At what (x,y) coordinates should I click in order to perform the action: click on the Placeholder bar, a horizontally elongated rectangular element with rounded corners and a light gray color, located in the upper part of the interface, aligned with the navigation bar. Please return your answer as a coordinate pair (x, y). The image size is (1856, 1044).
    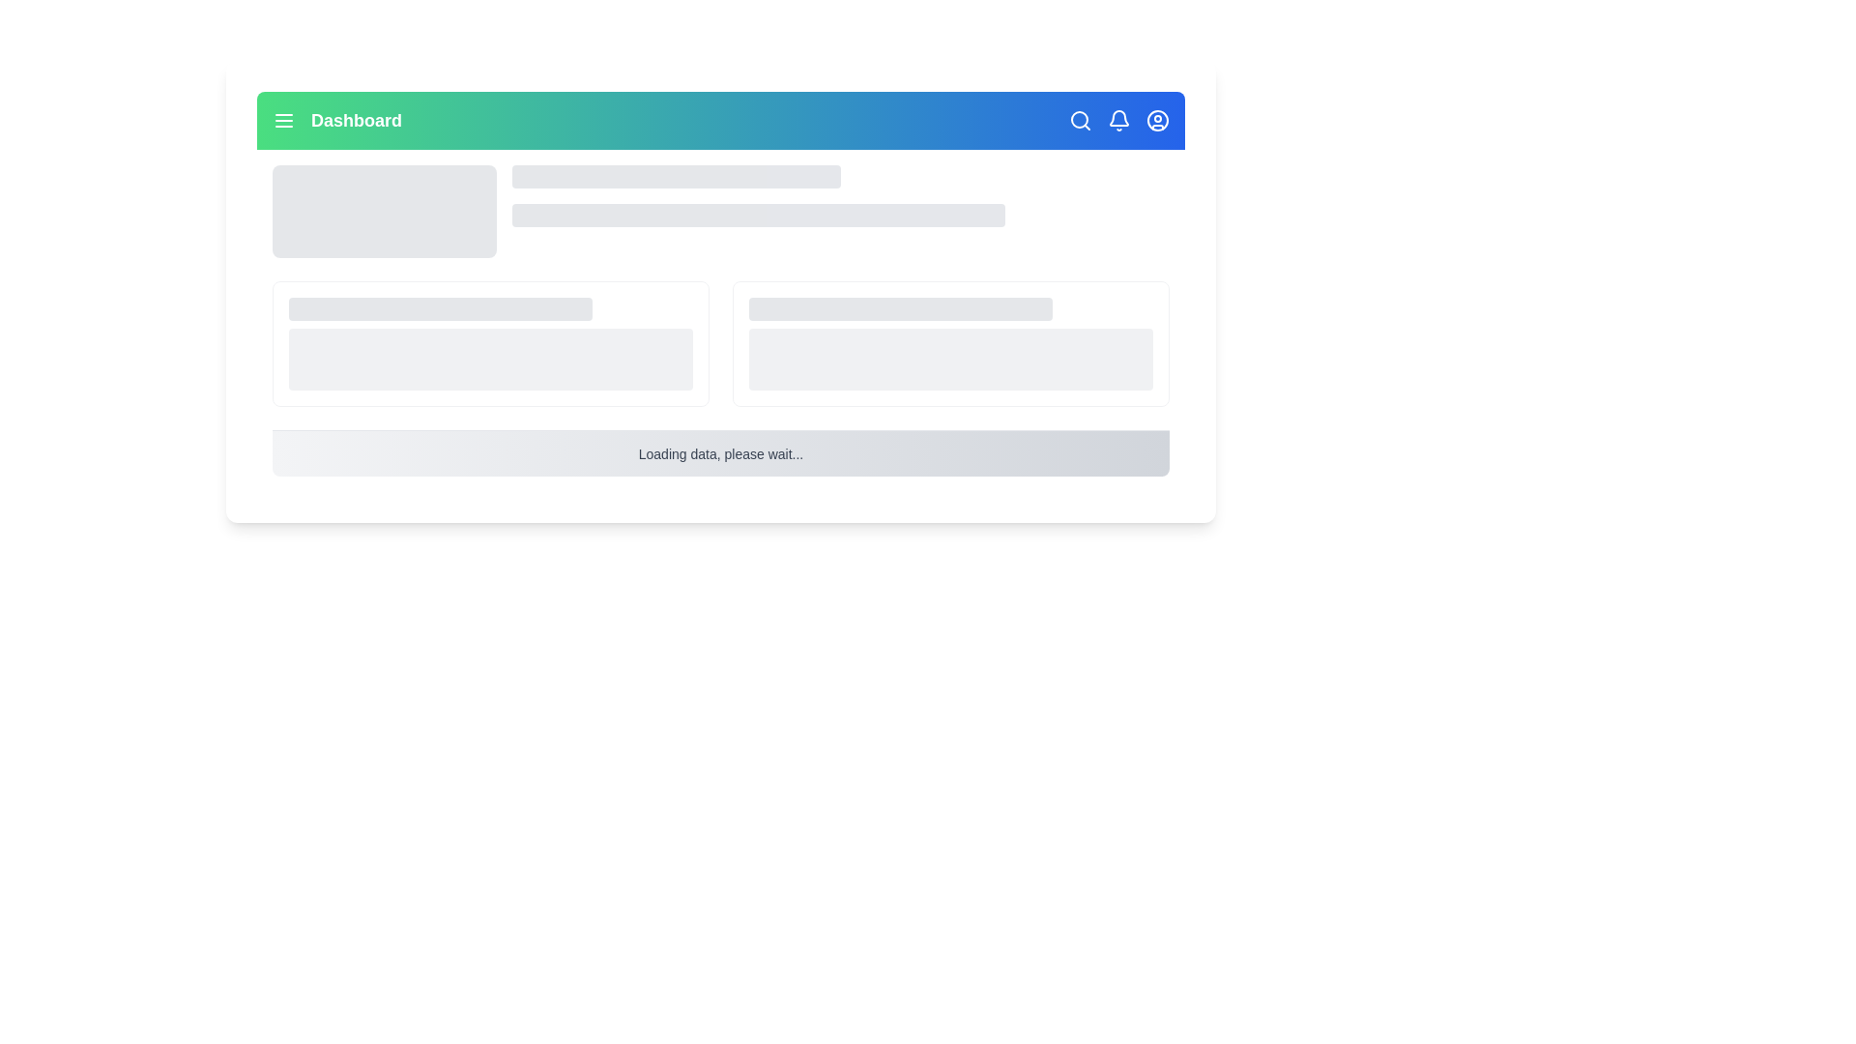
    Looking at the image, I should click on (677, 176).